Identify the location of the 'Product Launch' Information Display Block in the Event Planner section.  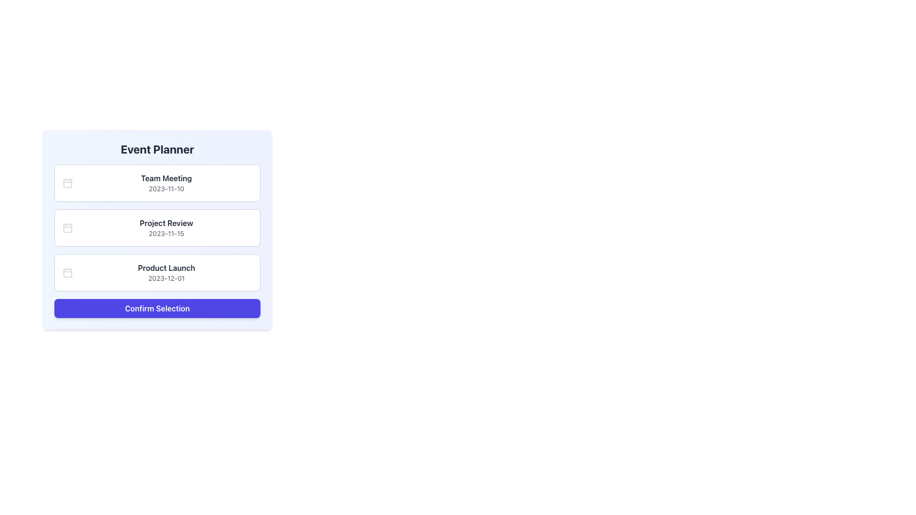
(167, 272).